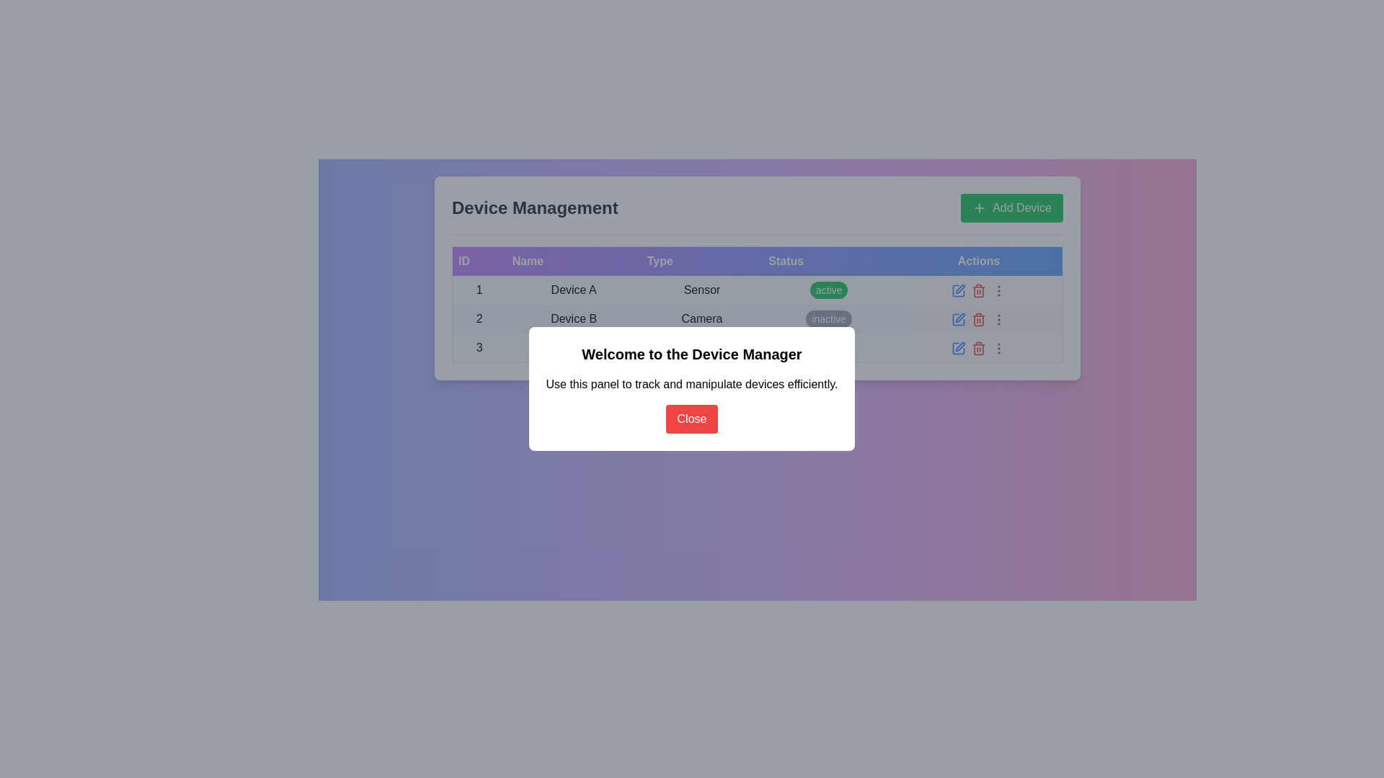 The height and width of the screenshot is (778, 1384). I want to click on the 'inactive' status indicator badge for 'Device B' in the 'Status' column of the Device Management table, so click(829, 318).